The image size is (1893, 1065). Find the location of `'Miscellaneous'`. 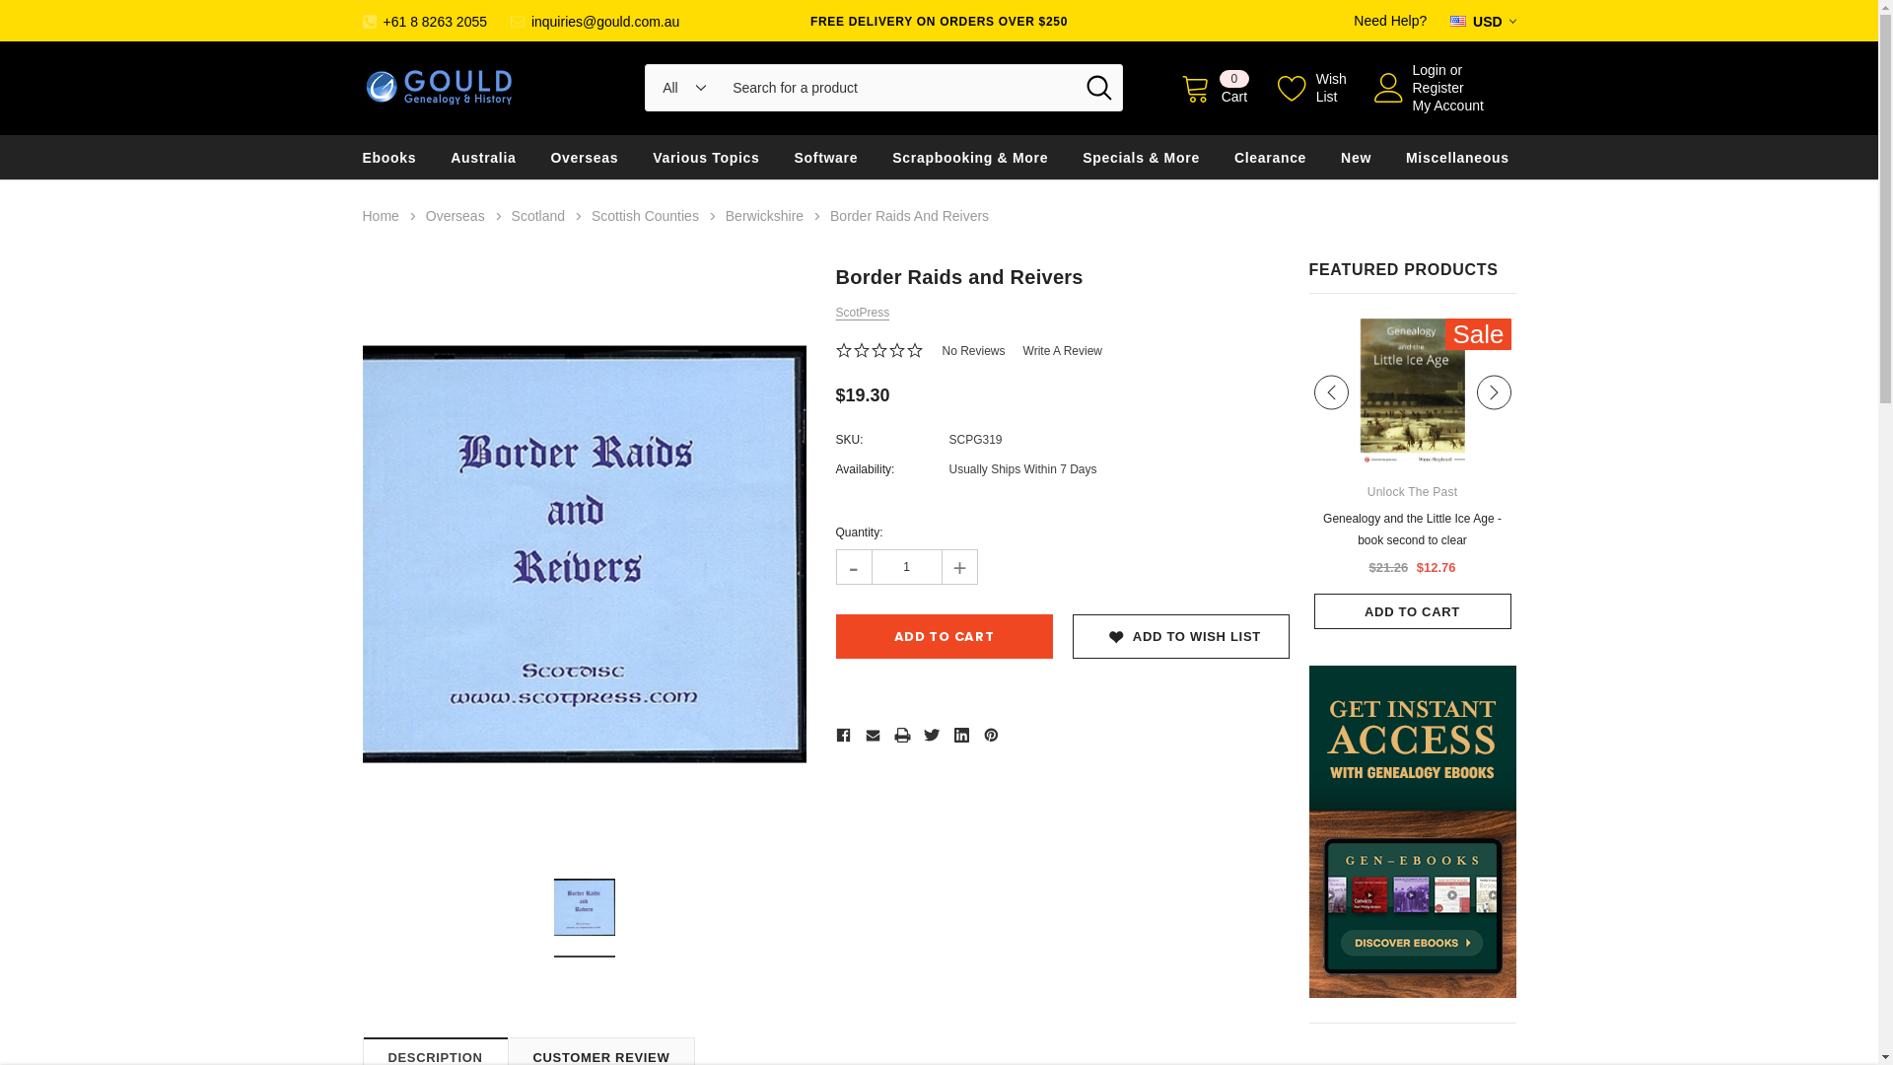

'Miscellaneous' is located at coordinates (1457, 156).